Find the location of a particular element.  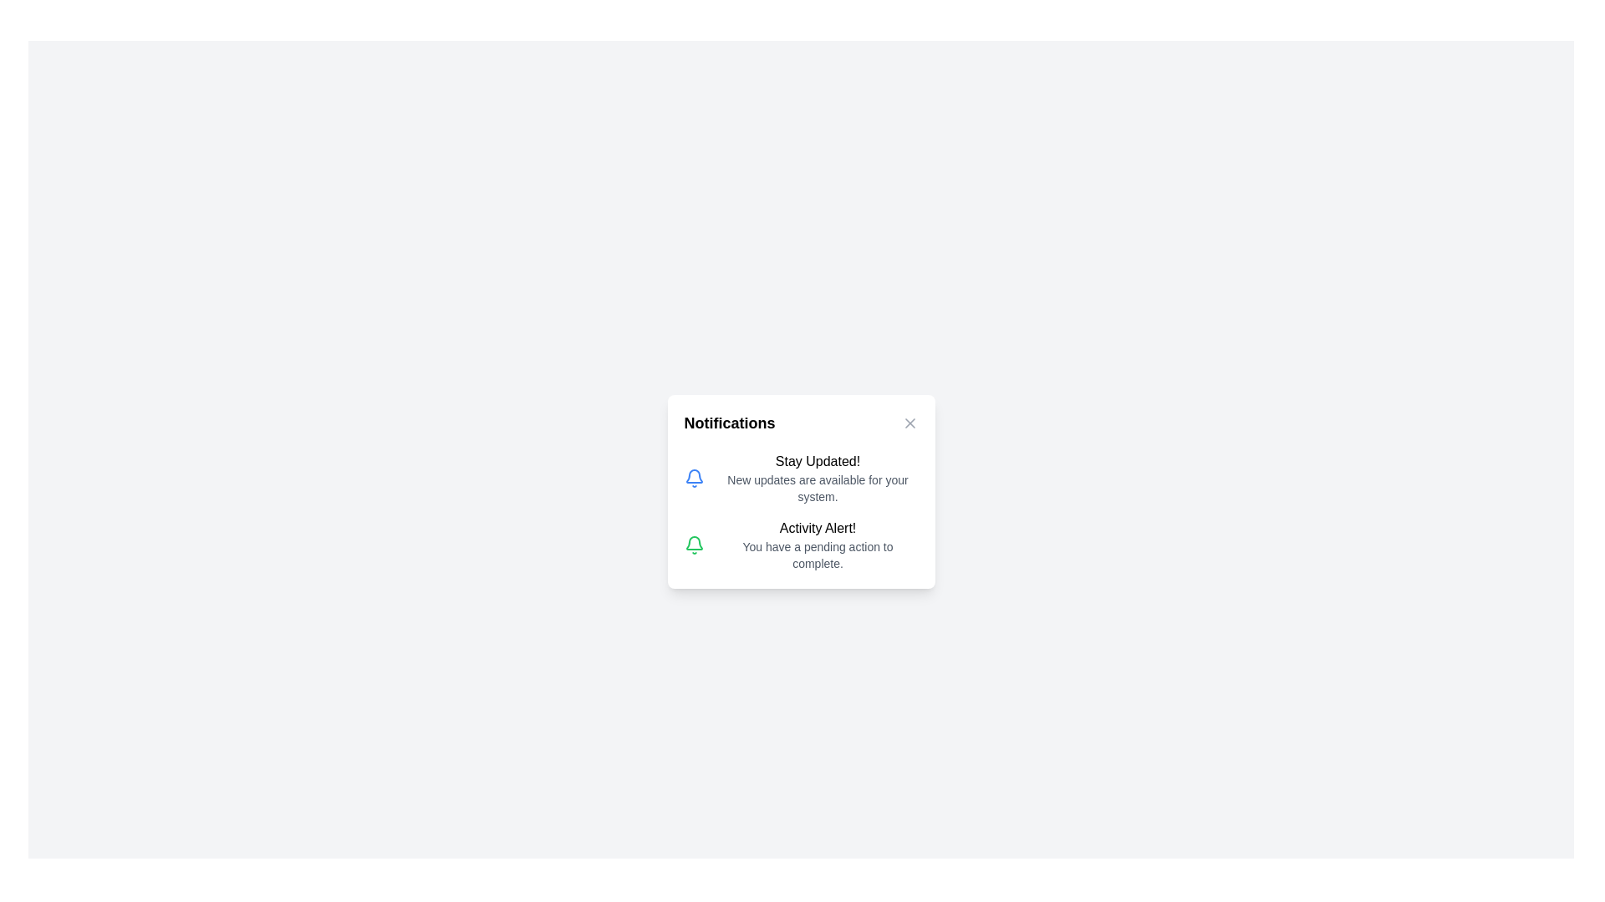

the close button (X) to close the notification dialog is located at coordinates (909, 422).